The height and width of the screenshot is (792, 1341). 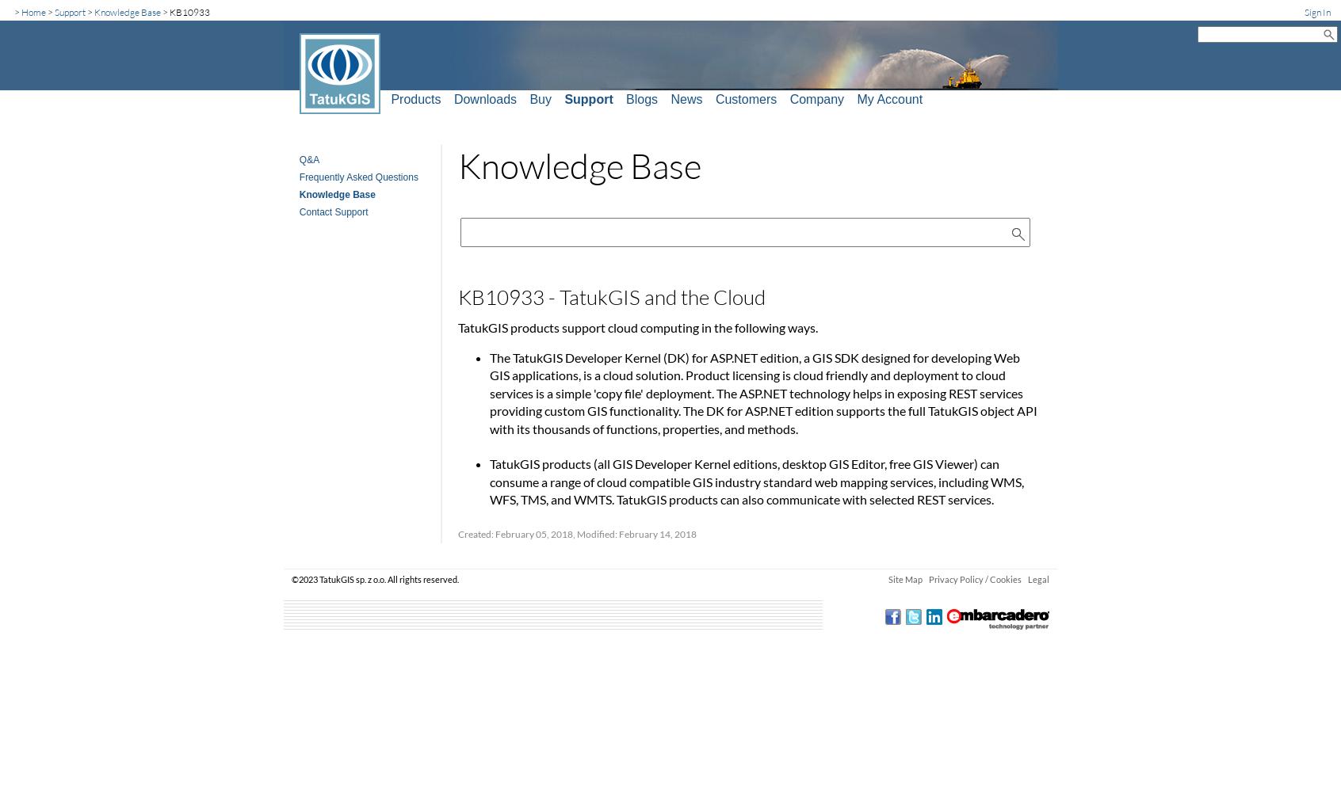 I want to click on 'The TatukGIS Developer Kernel (DK) for ASP.NET edition, a GIS SDK designed for developing Web GIS applications, is a cloud solution. Product licensing is cloud friendly and deployment to cloud services is a simple 'copy file' deployment. The ASP.NET technology helps in exposing REST services providing custom GIS functionality. The DK for ASP.NET edition supports the full TatukGIS object API with its thousands of functions, properties, and methods.', so click(x=763, y=391).